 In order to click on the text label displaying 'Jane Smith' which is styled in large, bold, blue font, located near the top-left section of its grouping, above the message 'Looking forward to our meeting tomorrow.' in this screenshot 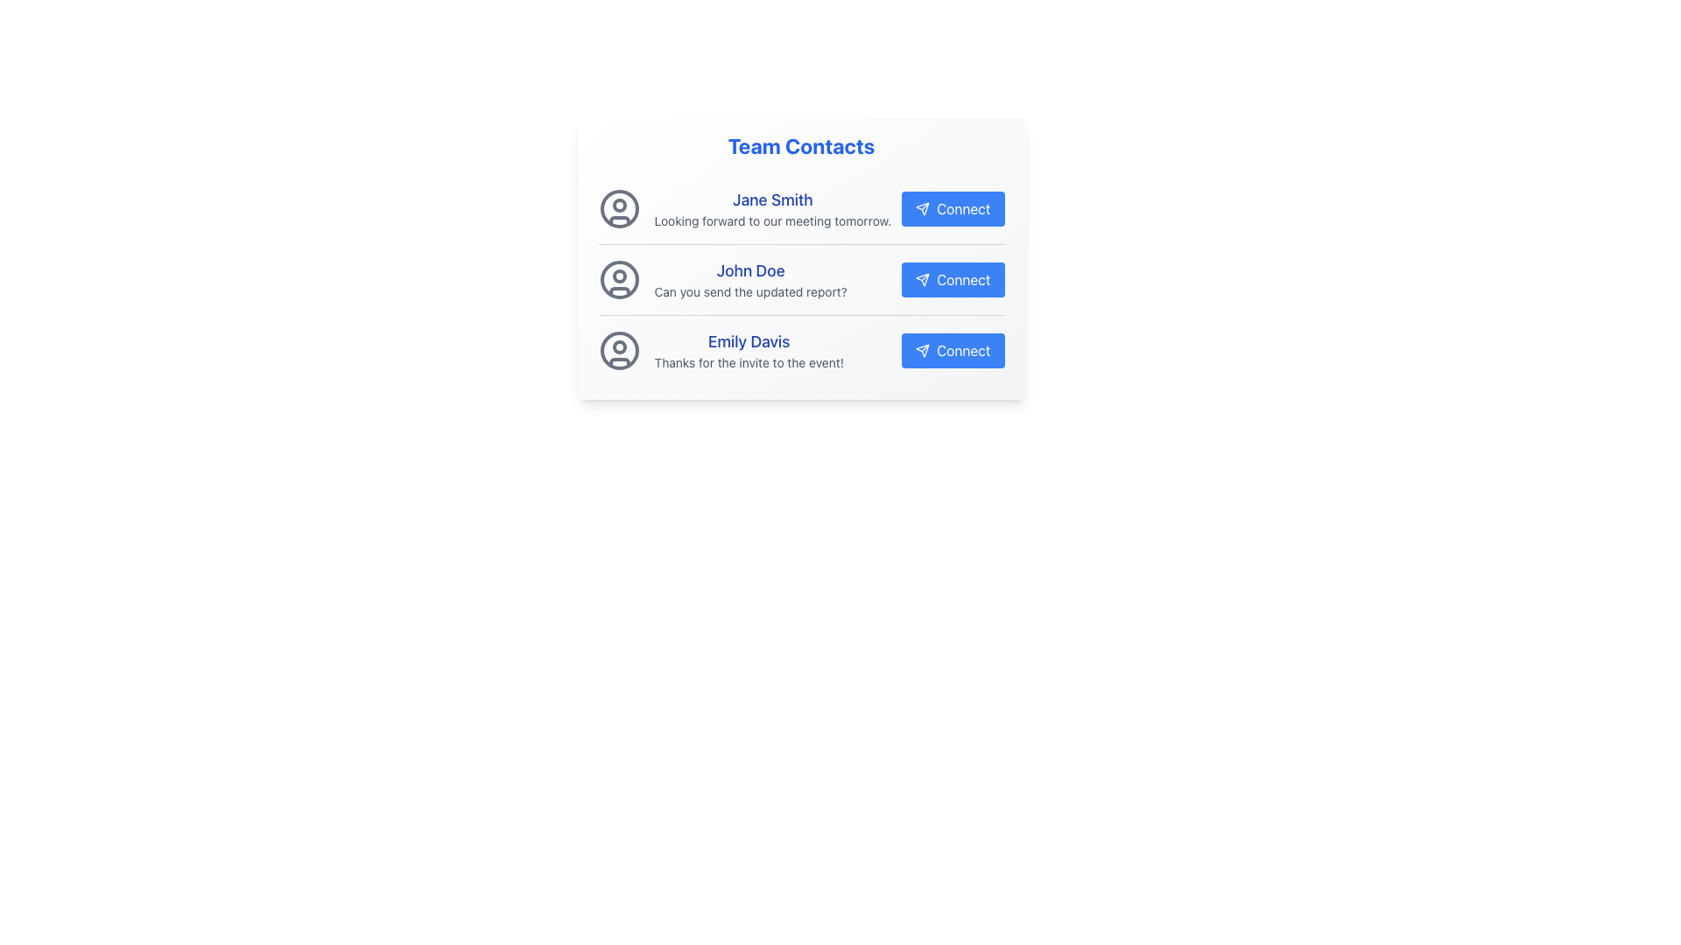, I will do `click(771, 199)`.